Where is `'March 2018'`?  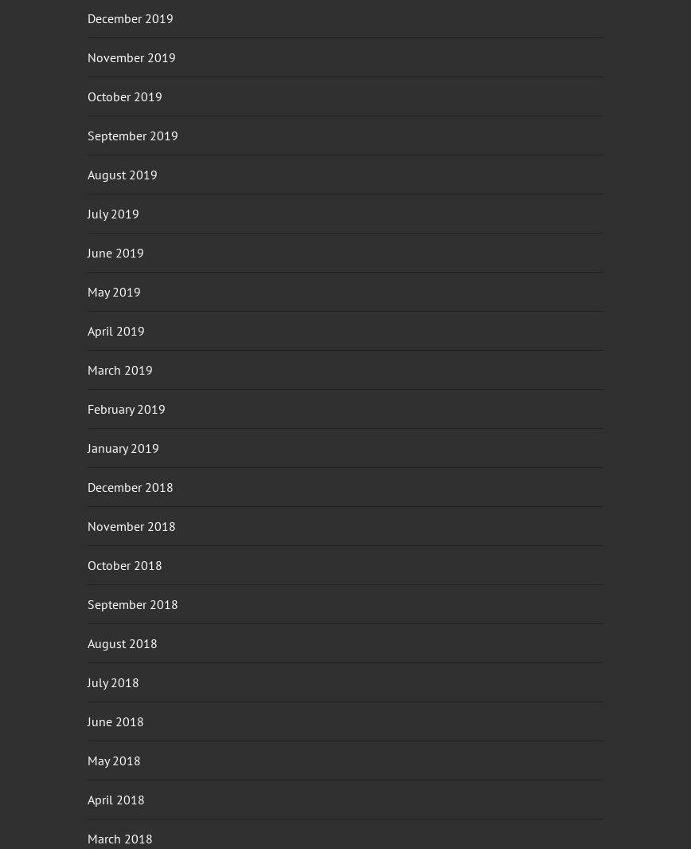 'March 2018' is located at coordinates (120, 838).